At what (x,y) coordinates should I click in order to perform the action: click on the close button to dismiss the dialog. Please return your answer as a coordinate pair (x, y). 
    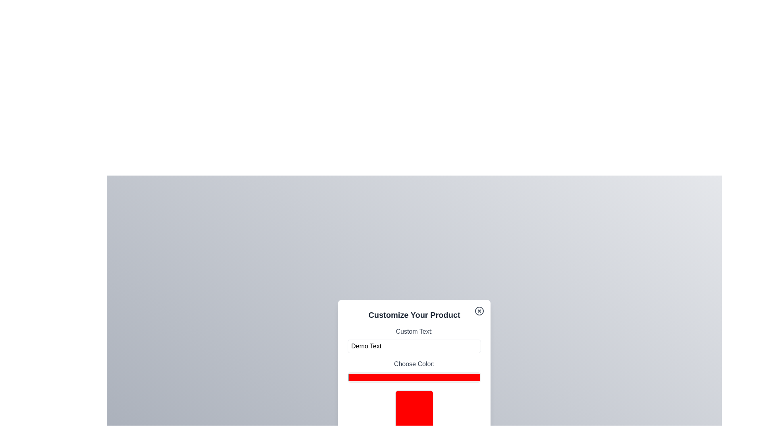
    Looking at the image, I should click on (479, 311).